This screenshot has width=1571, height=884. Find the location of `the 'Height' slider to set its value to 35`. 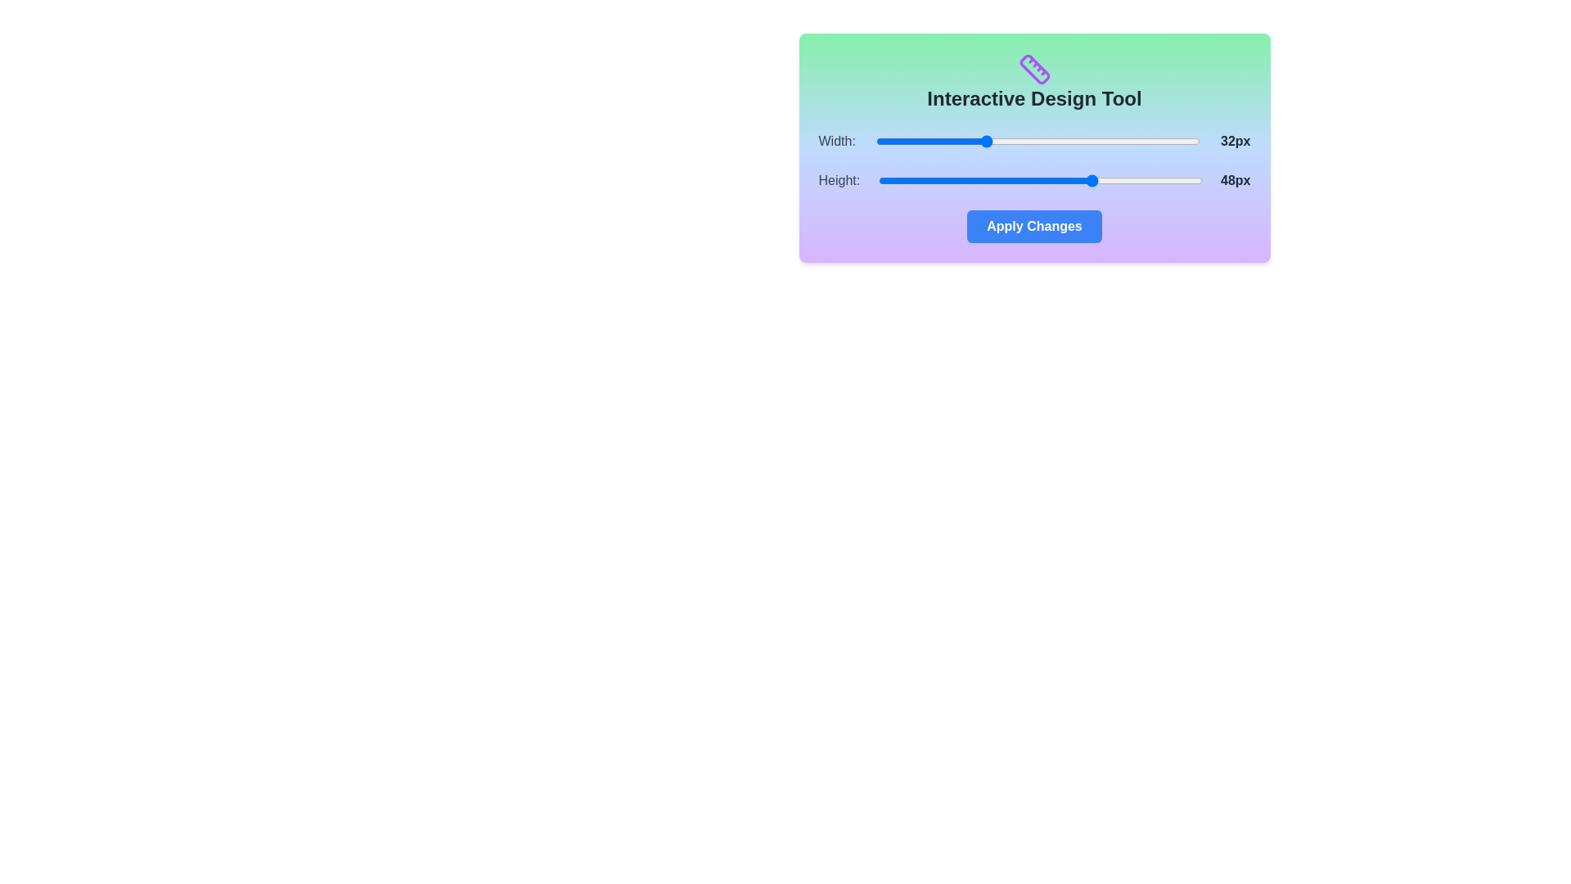

the 'Height' slider to set its value to 35 is located at coordinates (1006, 180).